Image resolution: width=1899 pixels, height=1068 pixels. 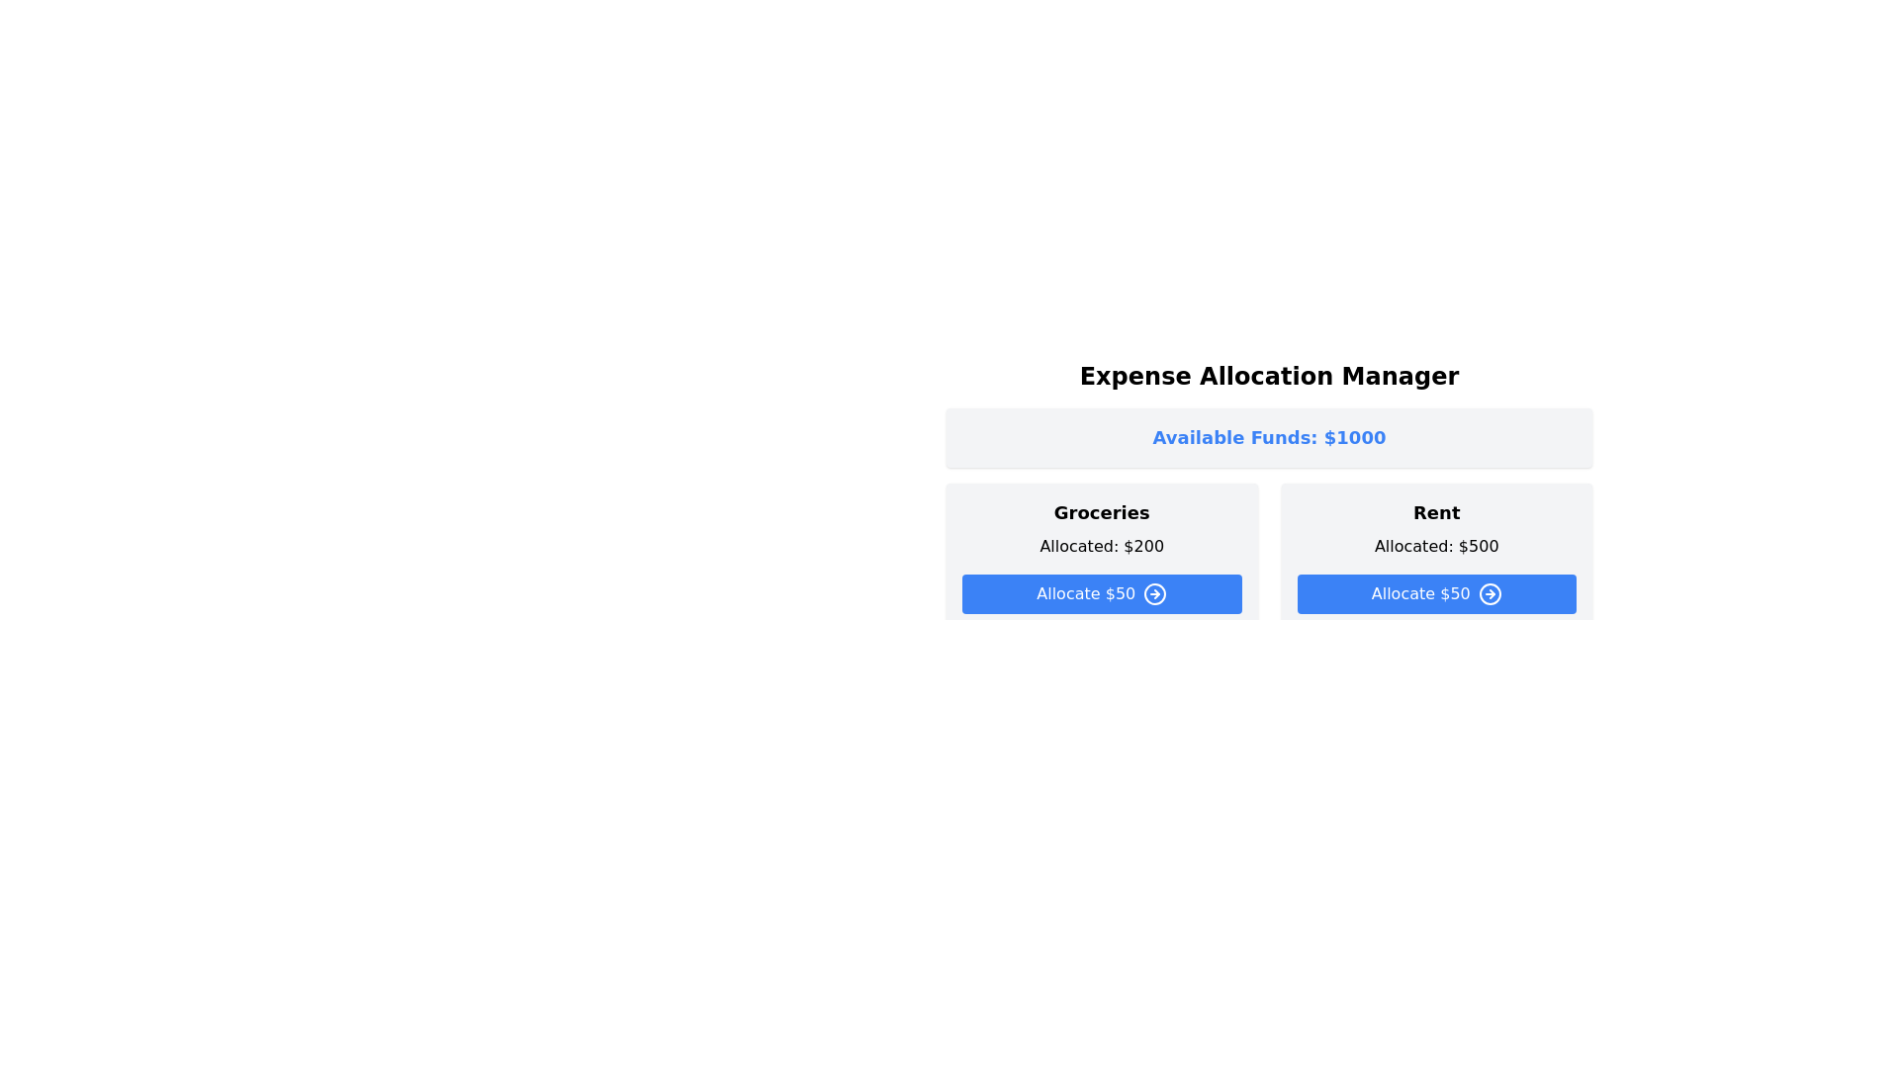 What do you see at coordinates (1155, 762) in the screenshot?
I see `the decorative vector graphic circle within the 'Allocate $50' button, located in the lower-right area of the button` at bounding box center [1155, 762].